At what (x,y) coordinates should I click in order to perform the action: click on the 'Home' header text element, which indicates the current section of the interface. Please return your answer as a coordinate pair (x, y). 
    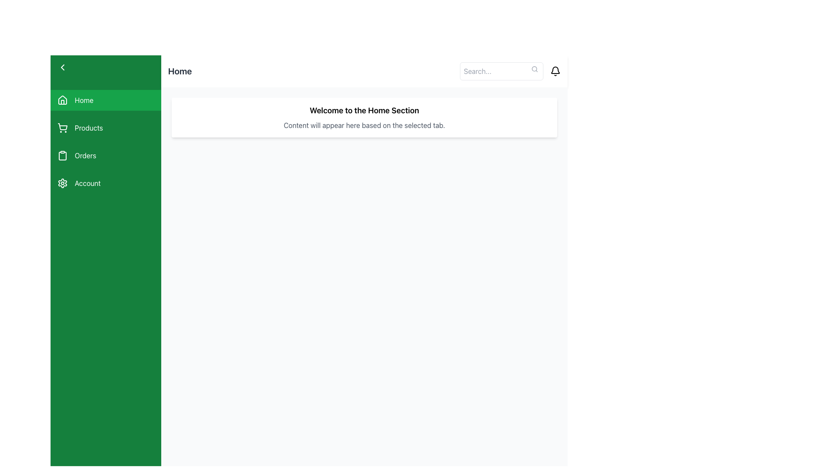
    Looking at the image, I should click on (364, 110).